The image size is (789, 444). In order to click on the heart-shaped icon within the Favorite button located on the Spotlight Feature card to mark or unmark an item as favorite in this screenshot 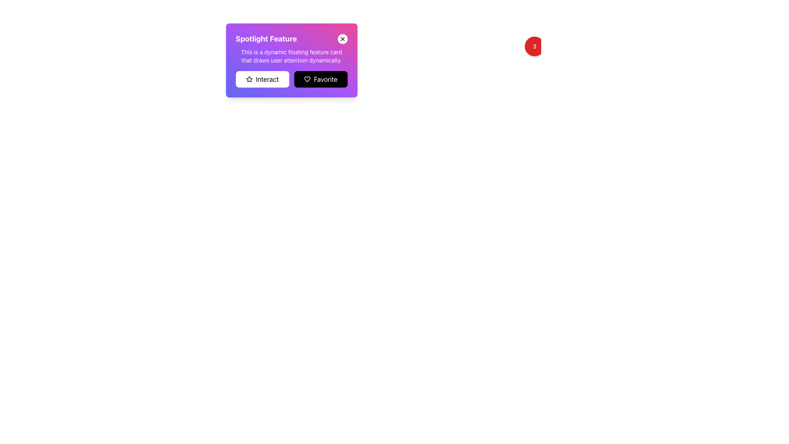, I will do `click(307, 79)`.